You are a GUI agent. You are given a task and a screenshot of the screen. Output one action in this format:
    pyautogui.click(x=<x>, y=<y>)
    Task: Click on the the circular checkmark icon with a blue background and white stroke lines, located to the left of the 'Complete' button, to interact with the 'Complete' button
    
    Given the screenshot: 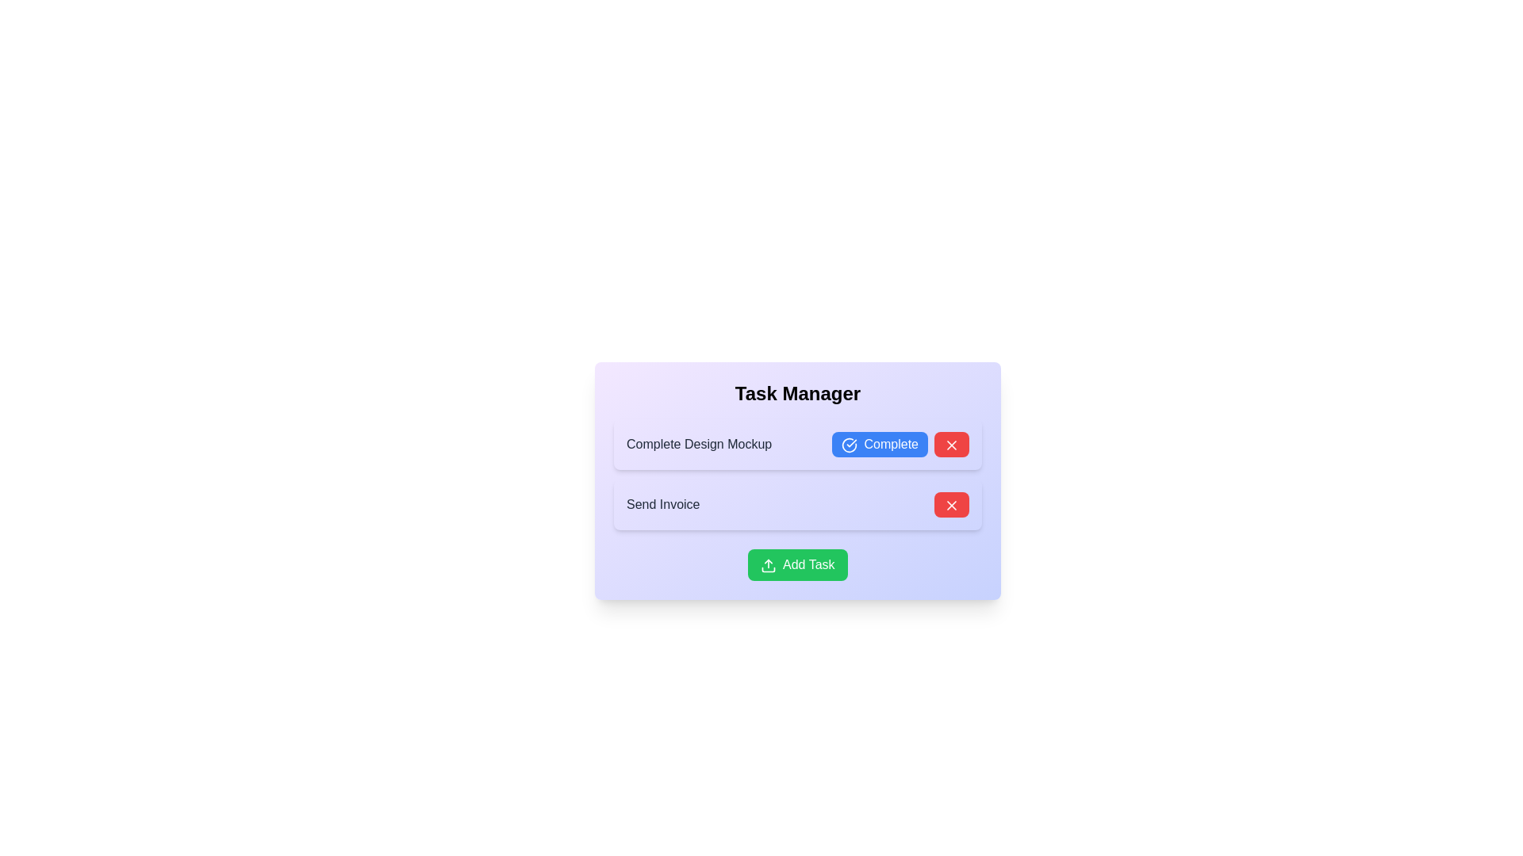 What is the action you would take?
    pyautogui.click(x=849, y=445)
    